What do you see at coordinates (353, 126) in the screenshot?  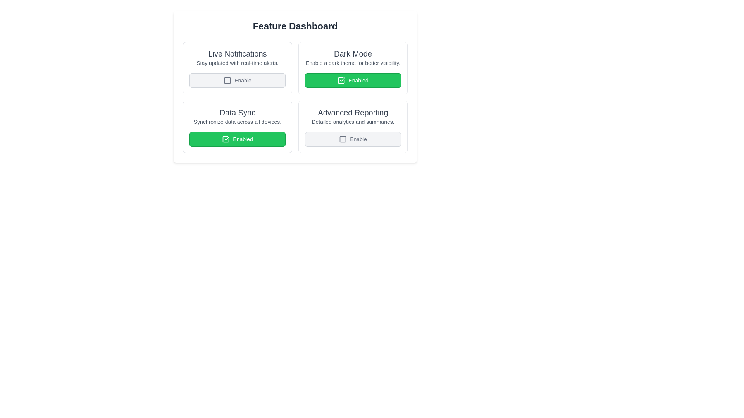 I see `the 'Enable' button on the 'Advanced Reporting' feature card located in the bottom-right cell of the grid layout` at bounding box center [353, 126].